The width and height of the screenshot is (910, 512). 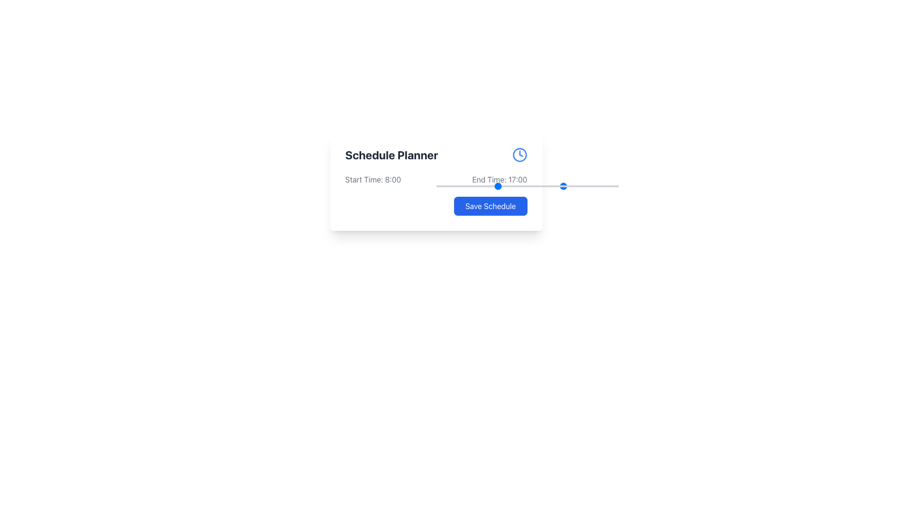 What do you see at coordinates (519, 155) in the screenshot?
I see `the SVG Circle Component that represents the circular border of the clock icon located in the upper-right section of the layout` at bounding box center [519, 155].